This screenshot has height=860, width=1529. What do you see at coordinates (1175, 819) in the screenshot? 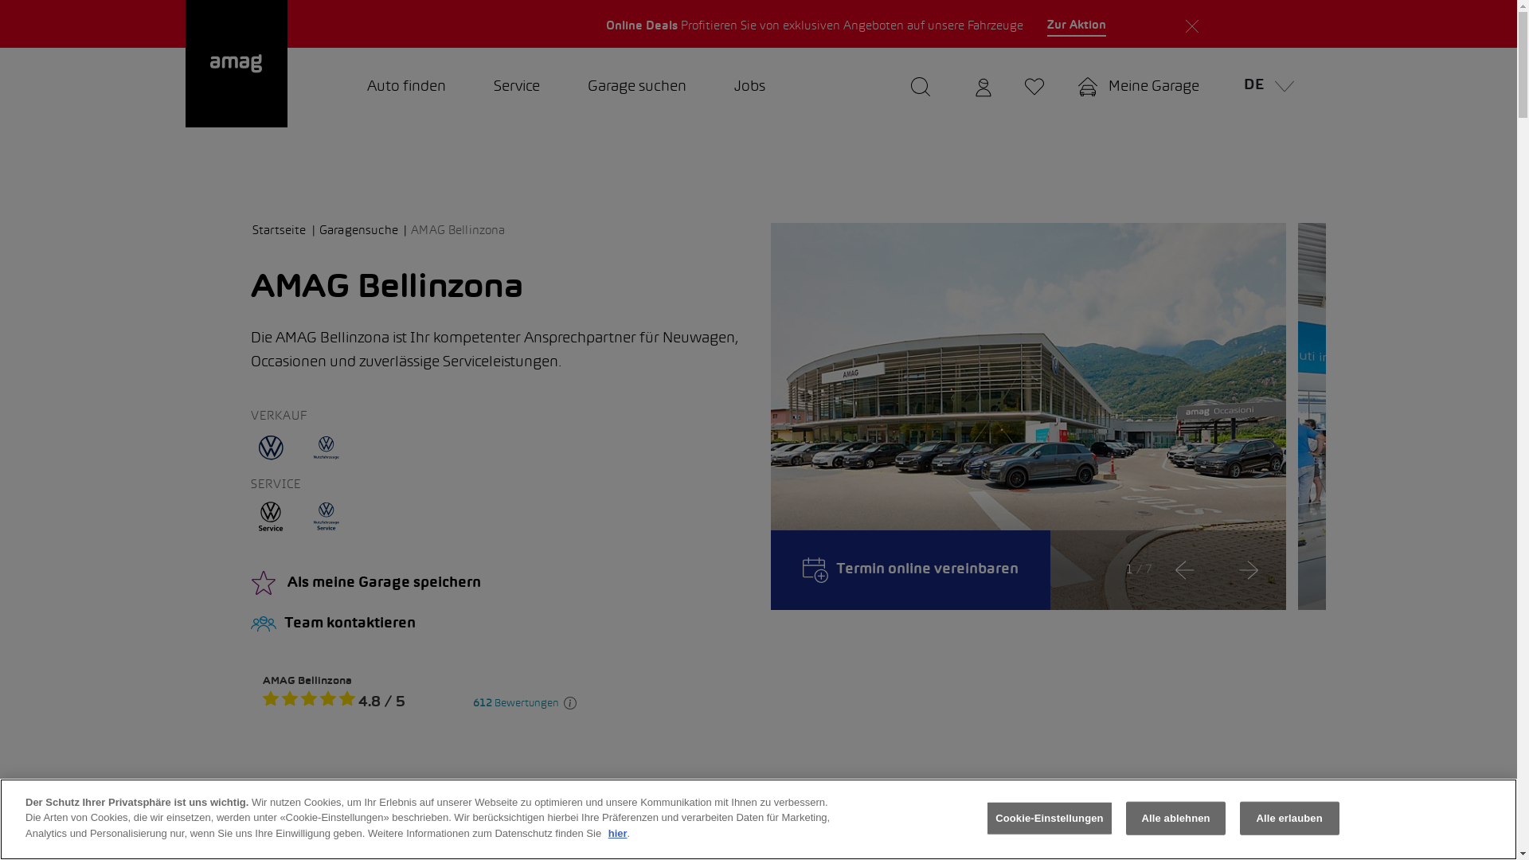
I see `'Alle ablehnen'` at bounding box center [1175, 819].